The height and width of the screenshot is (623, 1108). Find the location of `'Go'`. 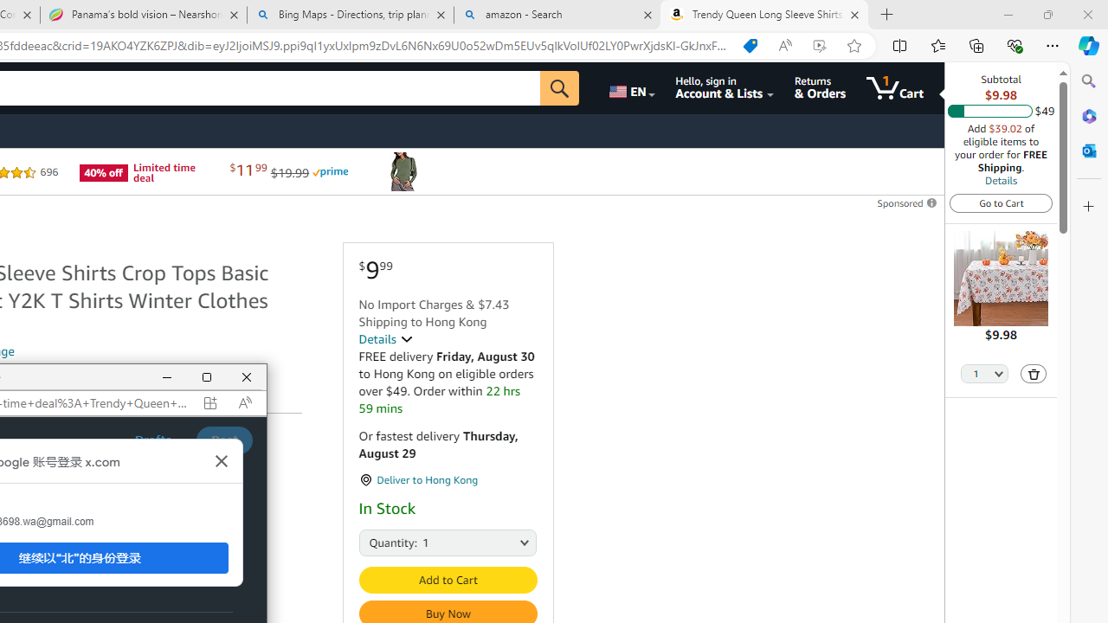

'Go' is located at coordinates (560, 87).